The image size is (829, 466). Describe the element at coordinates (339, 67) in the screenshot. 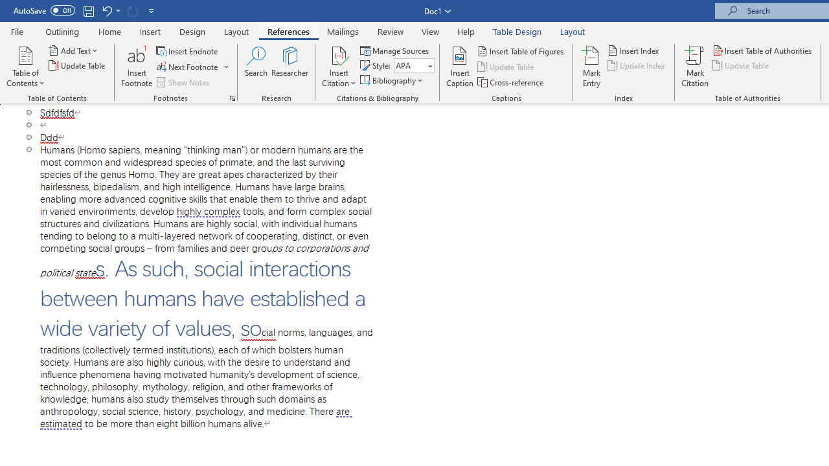

I see `'Insert Citation'` at that location.